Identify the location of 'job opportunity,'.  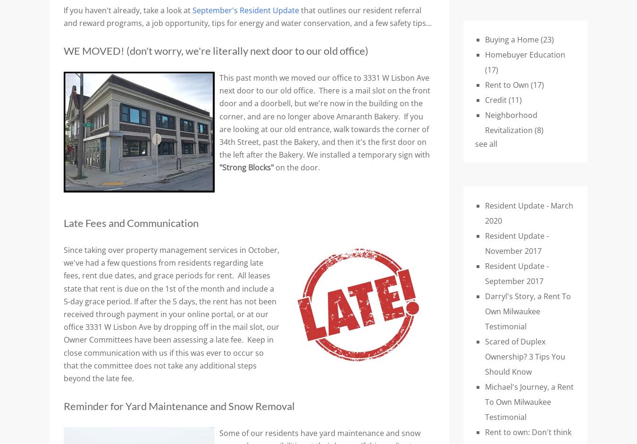
(182, 23).